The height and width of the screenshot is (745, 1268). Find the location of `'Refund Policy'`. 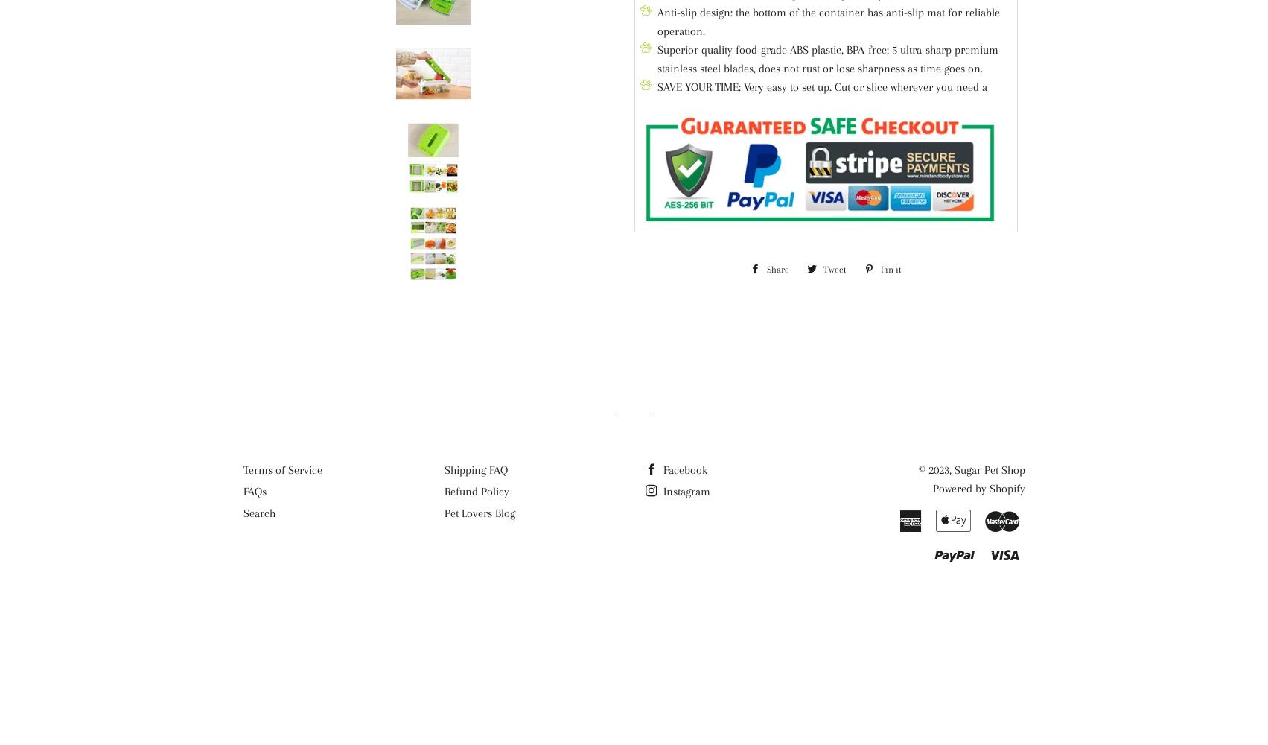

'Refund Policy' is located at coordinates (475, 492).